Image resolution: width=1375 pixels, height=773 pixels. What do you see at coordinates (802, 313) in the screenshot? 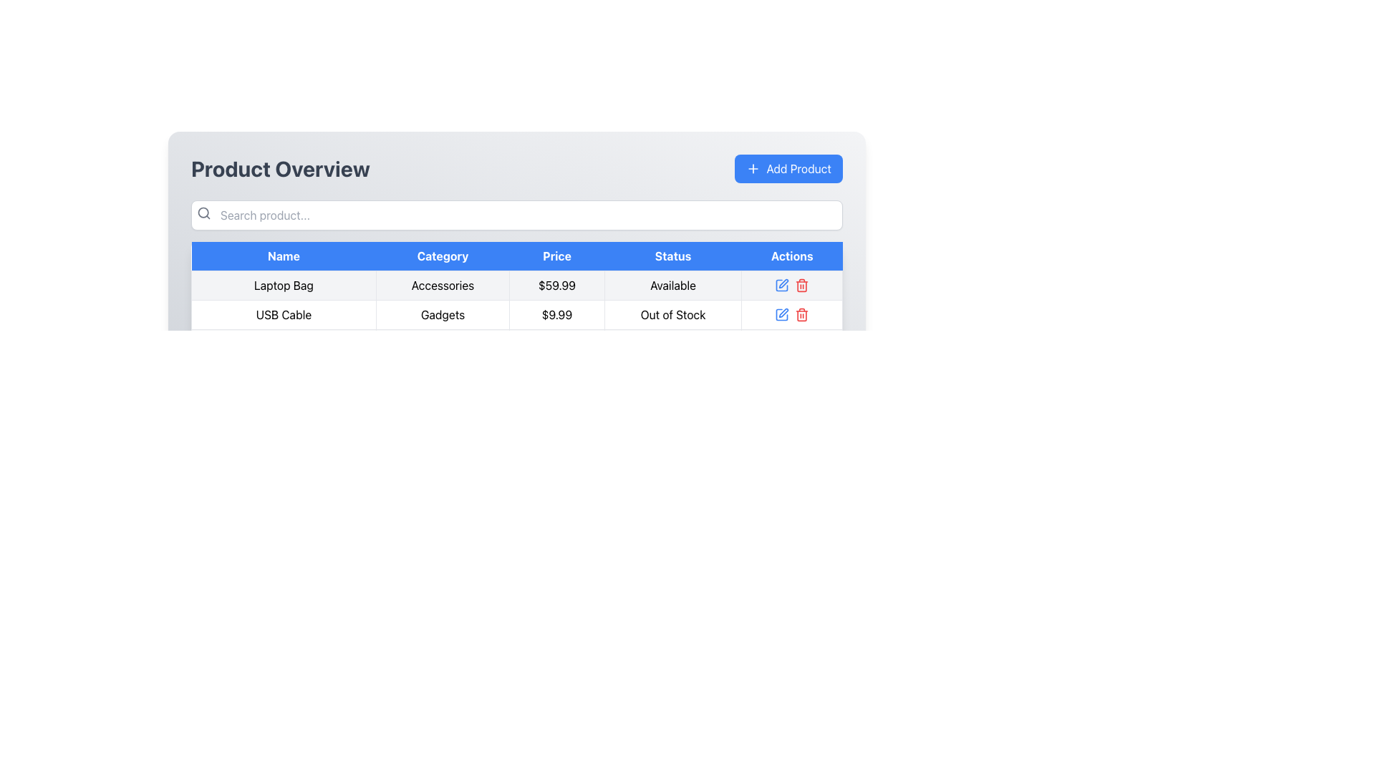
I see `the delete icon (trash icon) located in the 'Actions' column of the second data row in the table to initiate the deletion process` at bounding box center [802, 313].